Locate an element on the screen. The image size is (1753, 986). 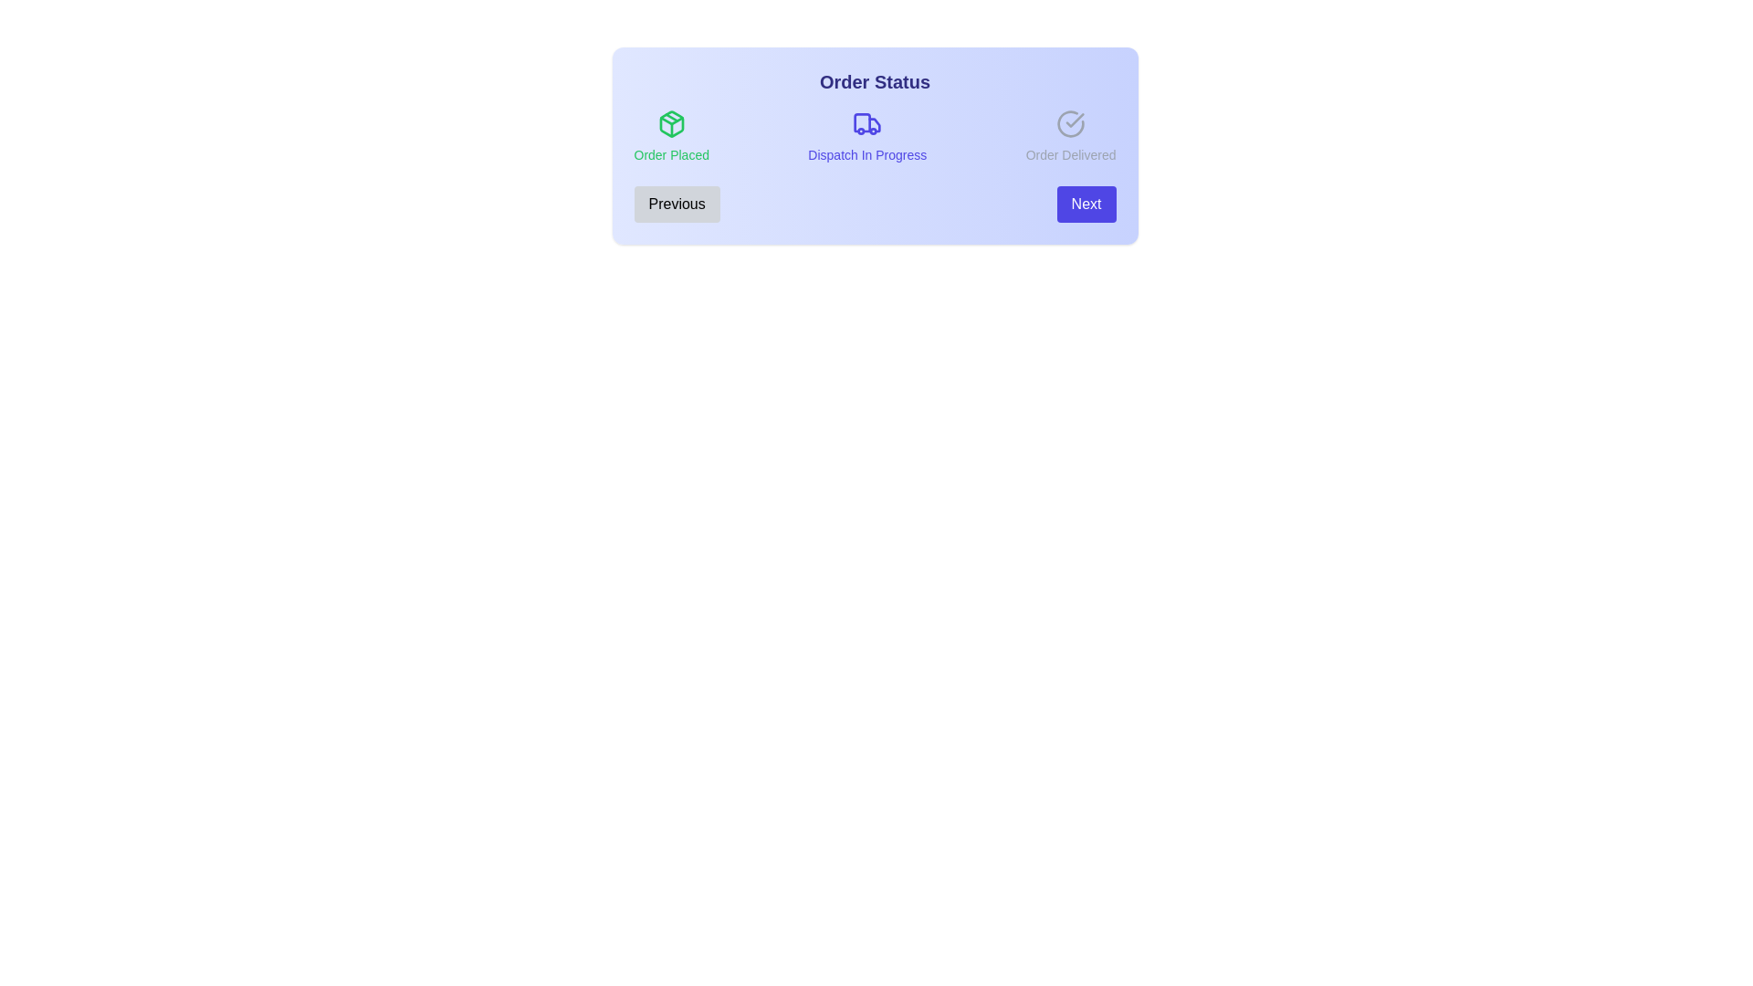
the 'Order Placed' status icon located at the top left of the interface is located at coordinates (670, 123).